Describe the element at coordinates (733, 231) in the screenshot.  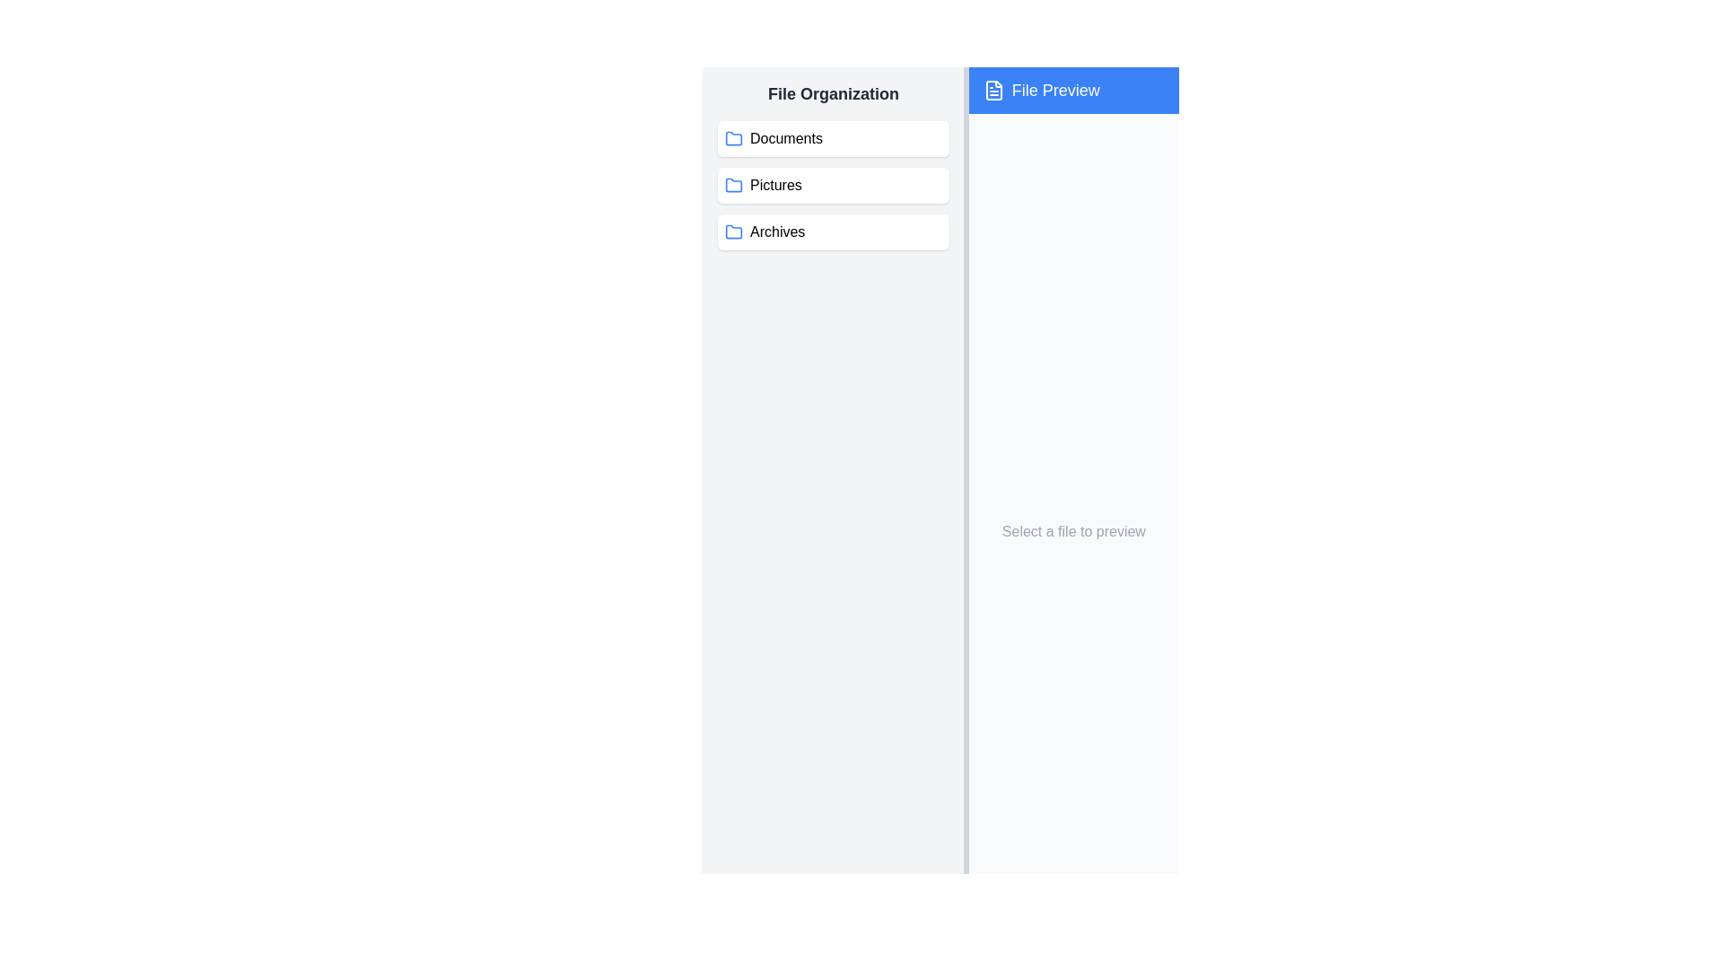
I see `the third folder icon labeled 'Archives' in the list under 'File Organization'` at that location.